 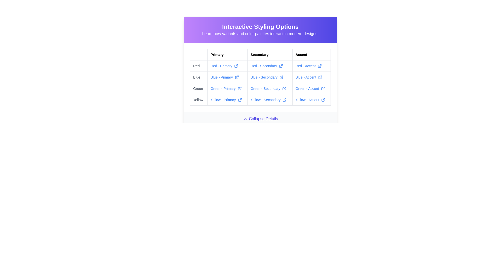 I want to click on the clickable link displaying 'Yellow - Accent' in the bottom-right cell of the table, so click(x=310, y=100).